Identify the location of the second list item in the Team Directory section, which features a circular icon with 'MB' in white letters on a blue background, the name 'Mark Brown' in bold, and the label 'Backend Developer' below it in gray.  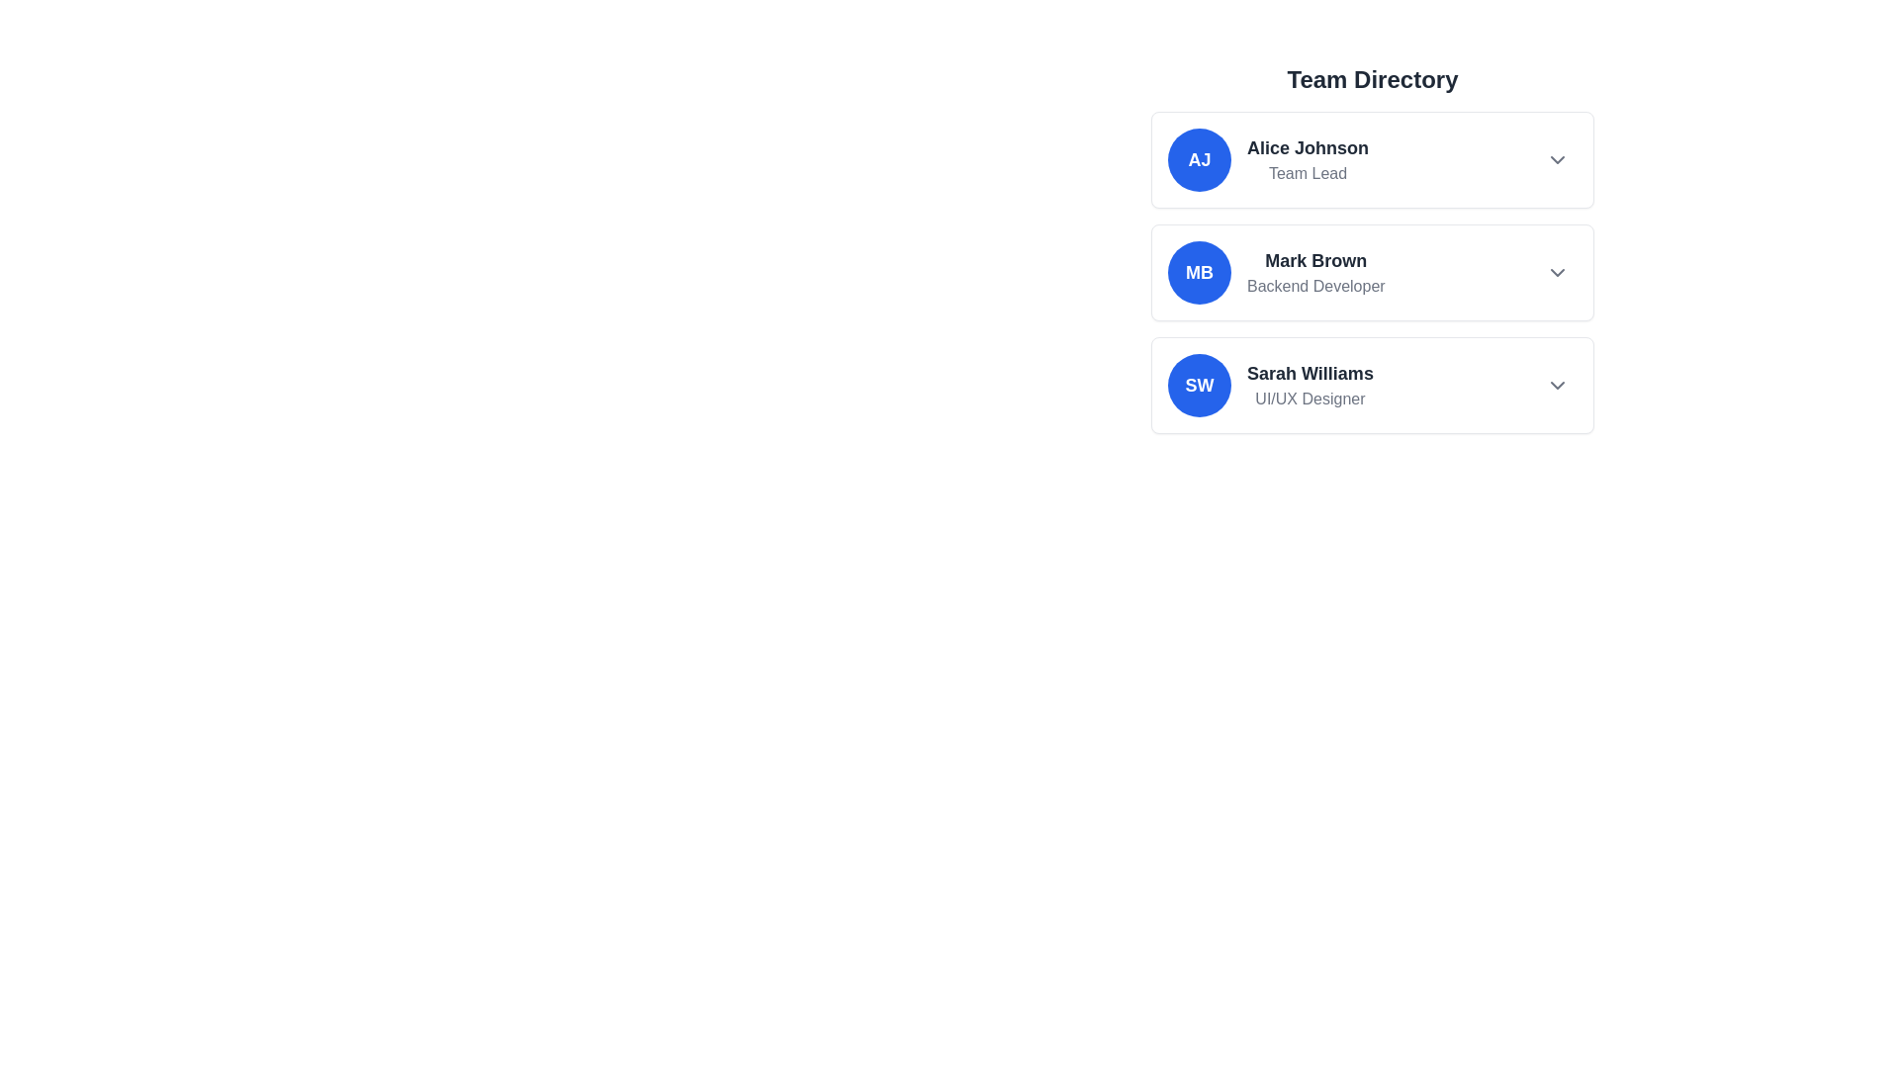
(1371, 273).